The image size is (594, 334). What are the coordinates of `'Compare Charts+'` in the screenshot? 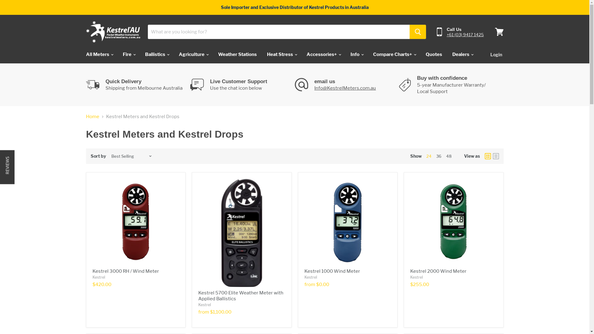 It's located at (394, 54).